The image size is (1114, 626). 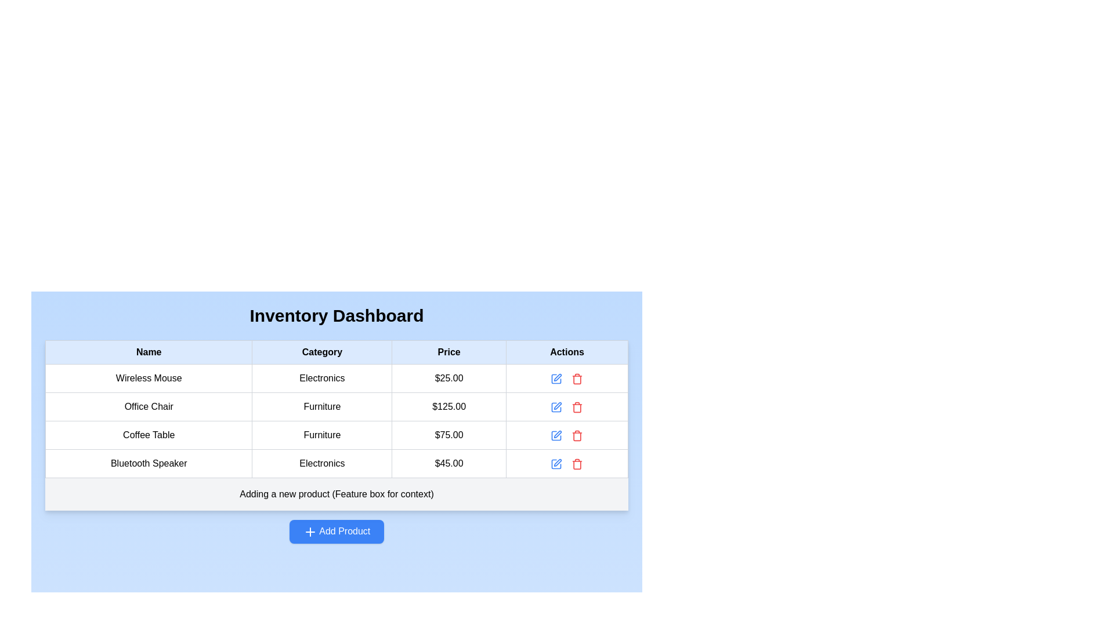 I want to click on the 'Bluetooth Speaker' label in the inventory list, which is located on the fourth row under the 'Name' column, so click(x=148, y=463).